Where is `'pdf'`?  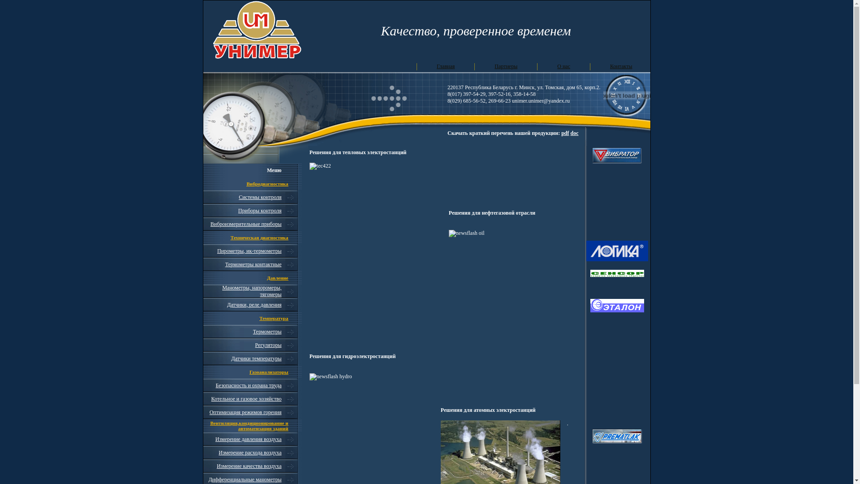 'pdf' is located at coordinates (564, 133).